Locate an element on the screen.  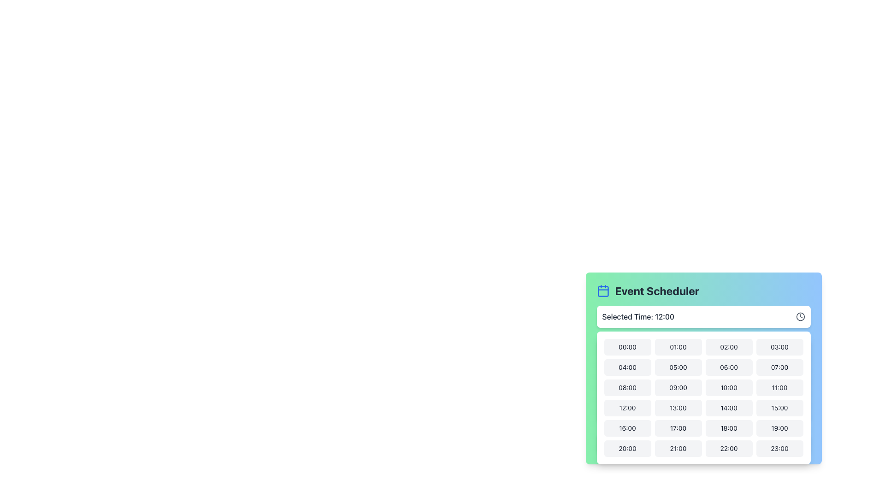
the selectable time slot button for '04:00' in the Event Scheduler is located at coordinates (627, 367).